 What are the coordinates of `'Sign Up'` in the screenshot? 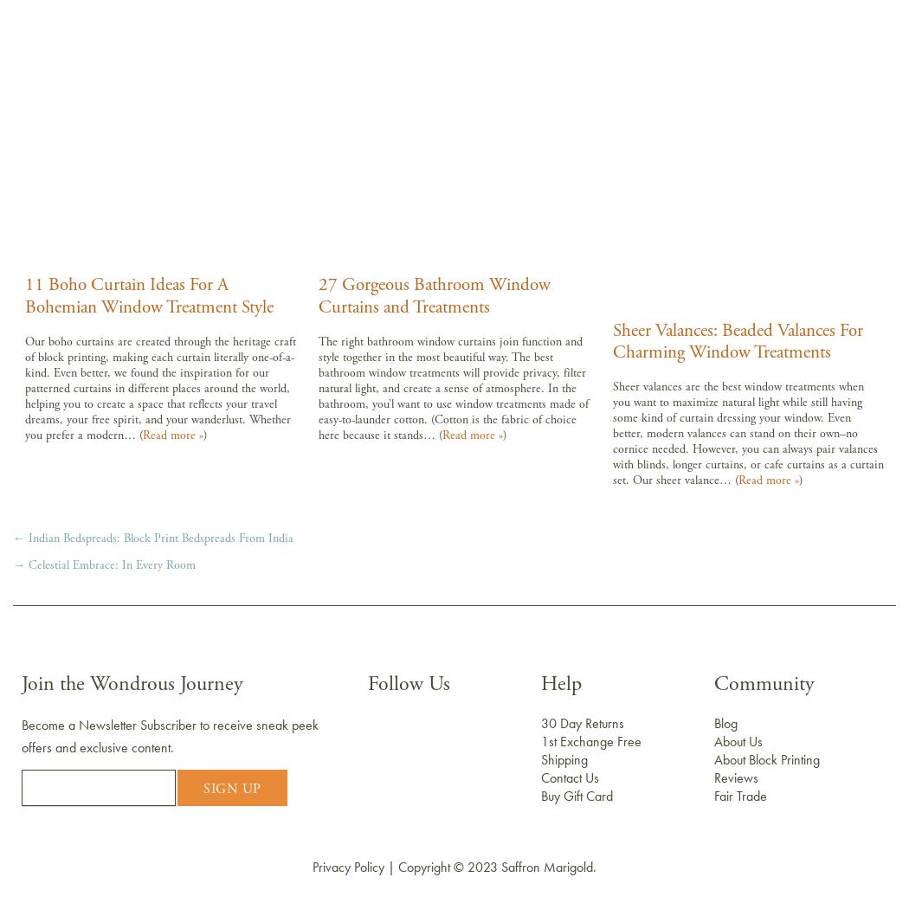 It's located at (230, 788).